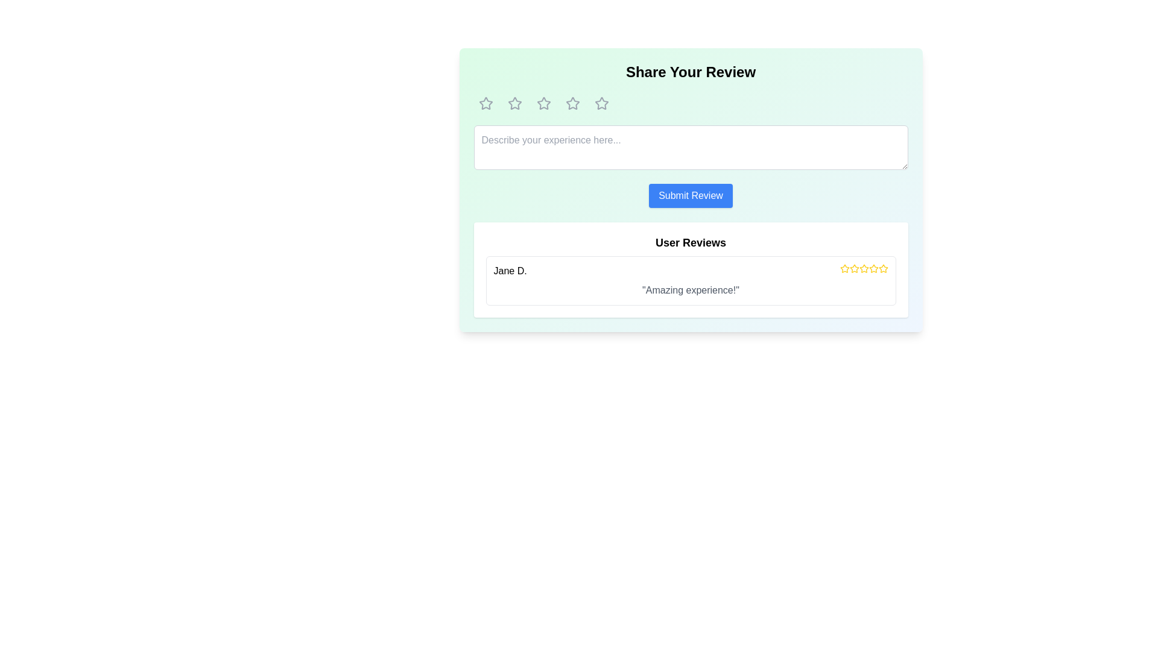 The image size is (1158, 651). I want to click on the last star icon in the User Reviews section, so click(883, 268).